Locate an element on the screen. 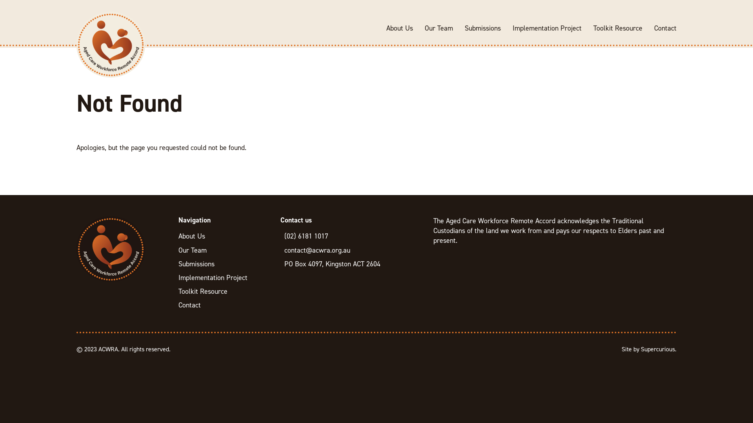  '(02) 6181 1017' is located at coordinates (350, 236).